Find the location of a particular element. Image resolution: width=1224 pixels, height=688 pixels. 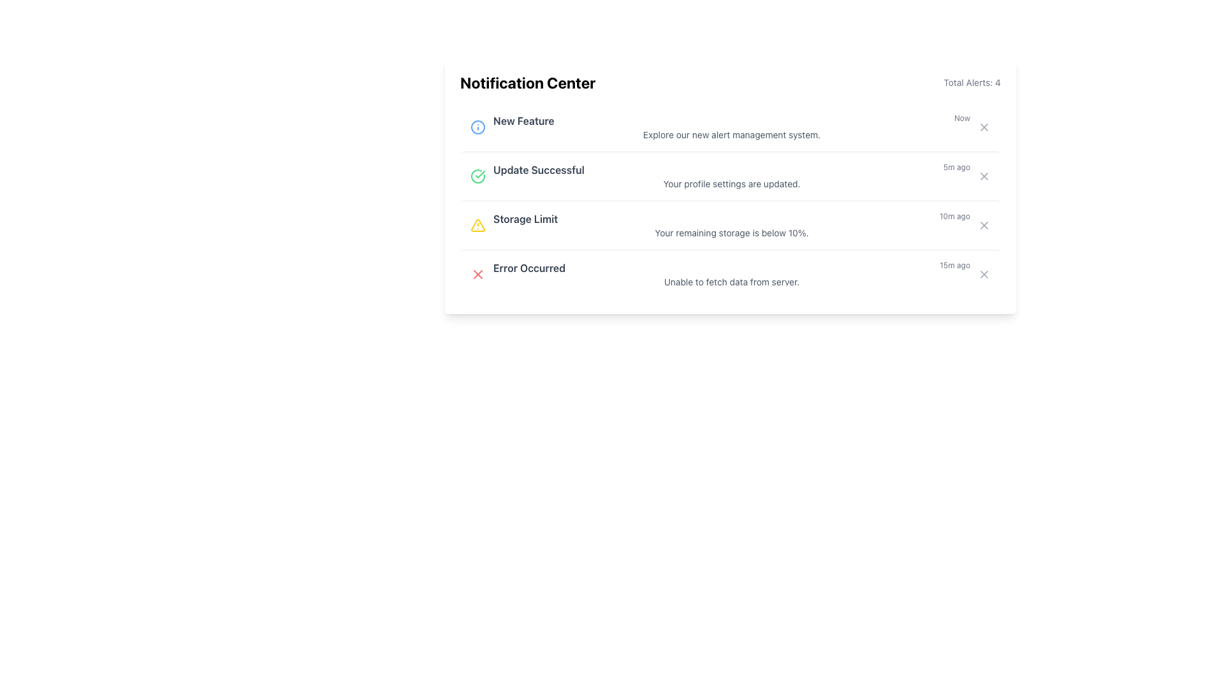

the circular 'X' mark button at the top-right corner of the 'New Feature' notification card is located at coordinates (984, 127).